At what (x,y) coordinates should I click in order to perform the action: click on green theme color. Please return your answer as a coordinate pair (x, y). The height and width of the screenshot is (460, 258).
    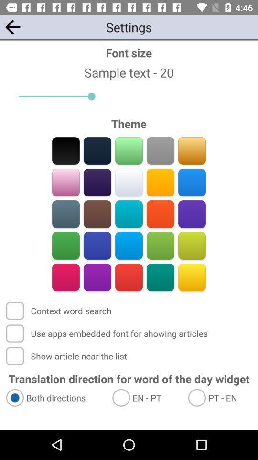
    Looking at the image, I should click on (129, 150).